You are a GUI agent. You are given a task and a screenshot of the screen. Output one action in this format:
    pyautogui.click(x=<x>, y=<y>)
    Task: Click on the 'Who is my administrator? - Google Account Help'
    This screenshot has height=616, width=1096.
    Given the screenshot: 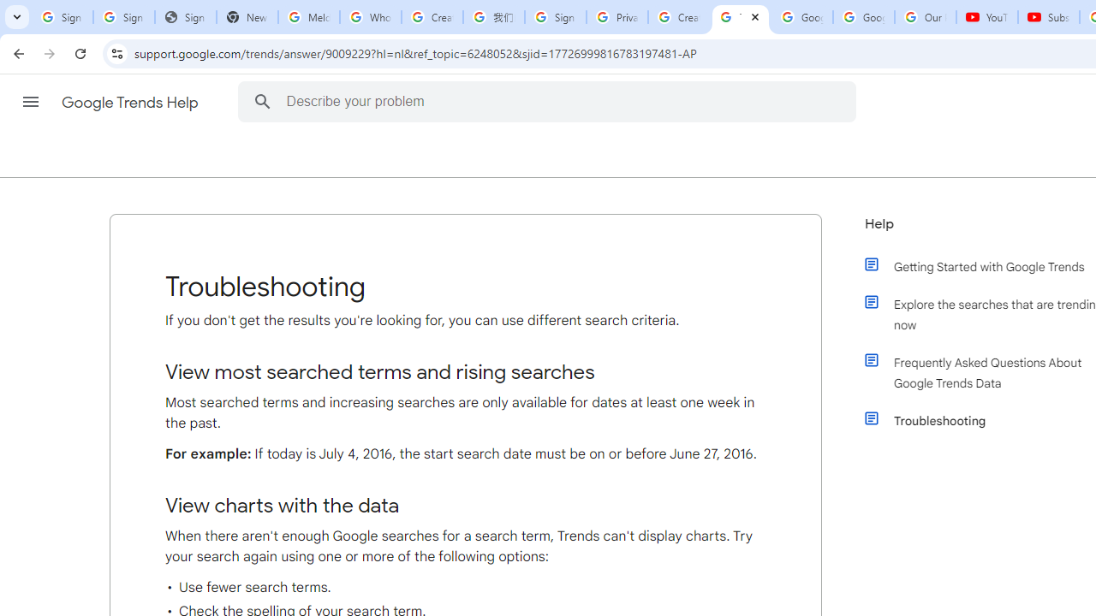 What is the action you would take?
    pyautogui.click(x=369, y=17)
    